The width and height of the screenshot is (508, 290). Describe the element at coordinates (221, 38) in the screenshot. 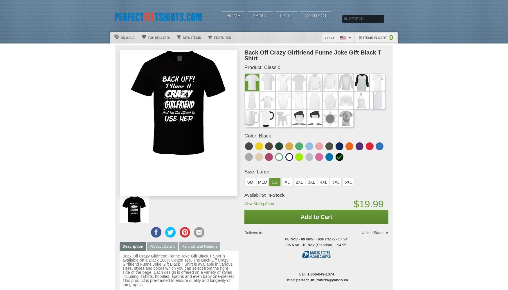

I see `'Featured'` at that location.